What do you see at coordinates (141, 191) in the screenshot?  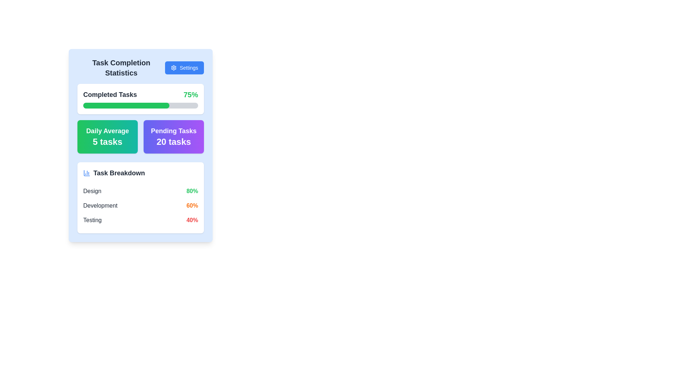 I see `the first descriptive row in the 'Task Breakdown' table that associates the 'Design' task with an '80%' completion level` at bounding box center [141, 191].